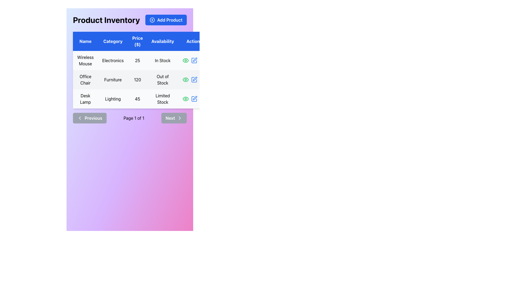 Image resolution: width=513 pixels, height=288 pixels. I want to click on the blue pencil icon in the 'Actions' column of the inventory table for editing the product details of the 'Desk Lamp' entry, so click(194, 99).